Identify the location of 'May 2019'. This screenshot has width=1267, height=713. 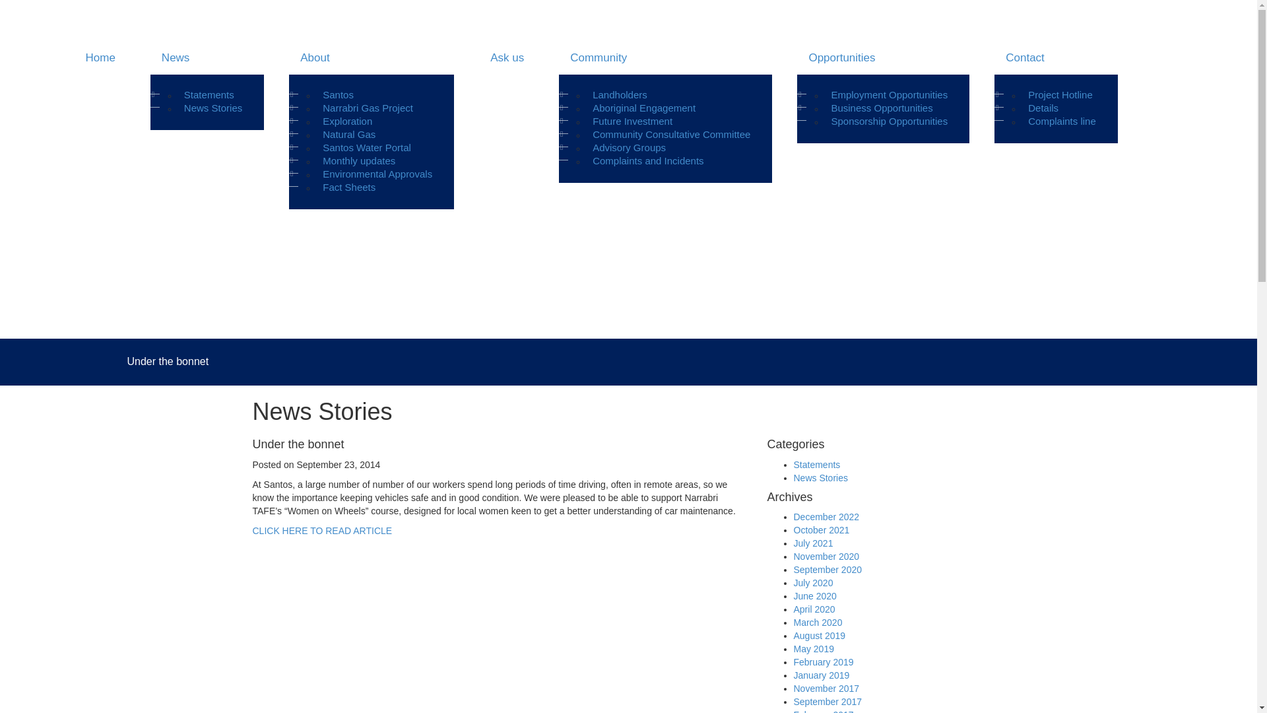
(792, 648).